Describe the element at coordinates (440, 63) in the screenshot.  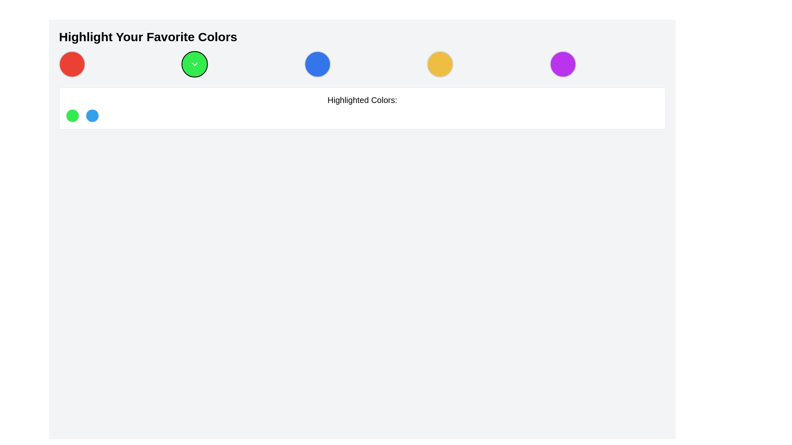
I see `the fourth circular button with a yellow background and a gray border` at that location.